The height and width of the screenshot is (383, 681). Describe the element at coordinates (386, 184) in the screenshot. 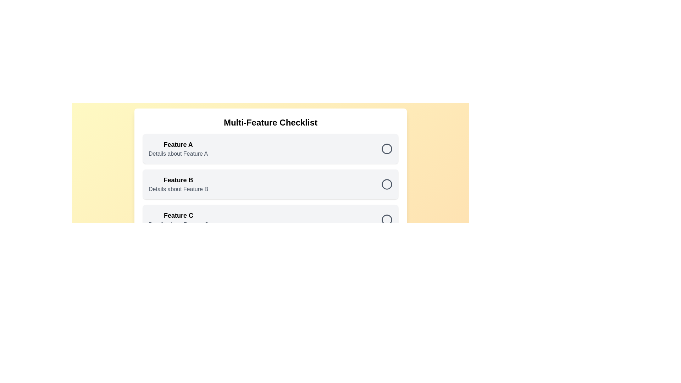

I see `the checklist item Feature B` at that location.